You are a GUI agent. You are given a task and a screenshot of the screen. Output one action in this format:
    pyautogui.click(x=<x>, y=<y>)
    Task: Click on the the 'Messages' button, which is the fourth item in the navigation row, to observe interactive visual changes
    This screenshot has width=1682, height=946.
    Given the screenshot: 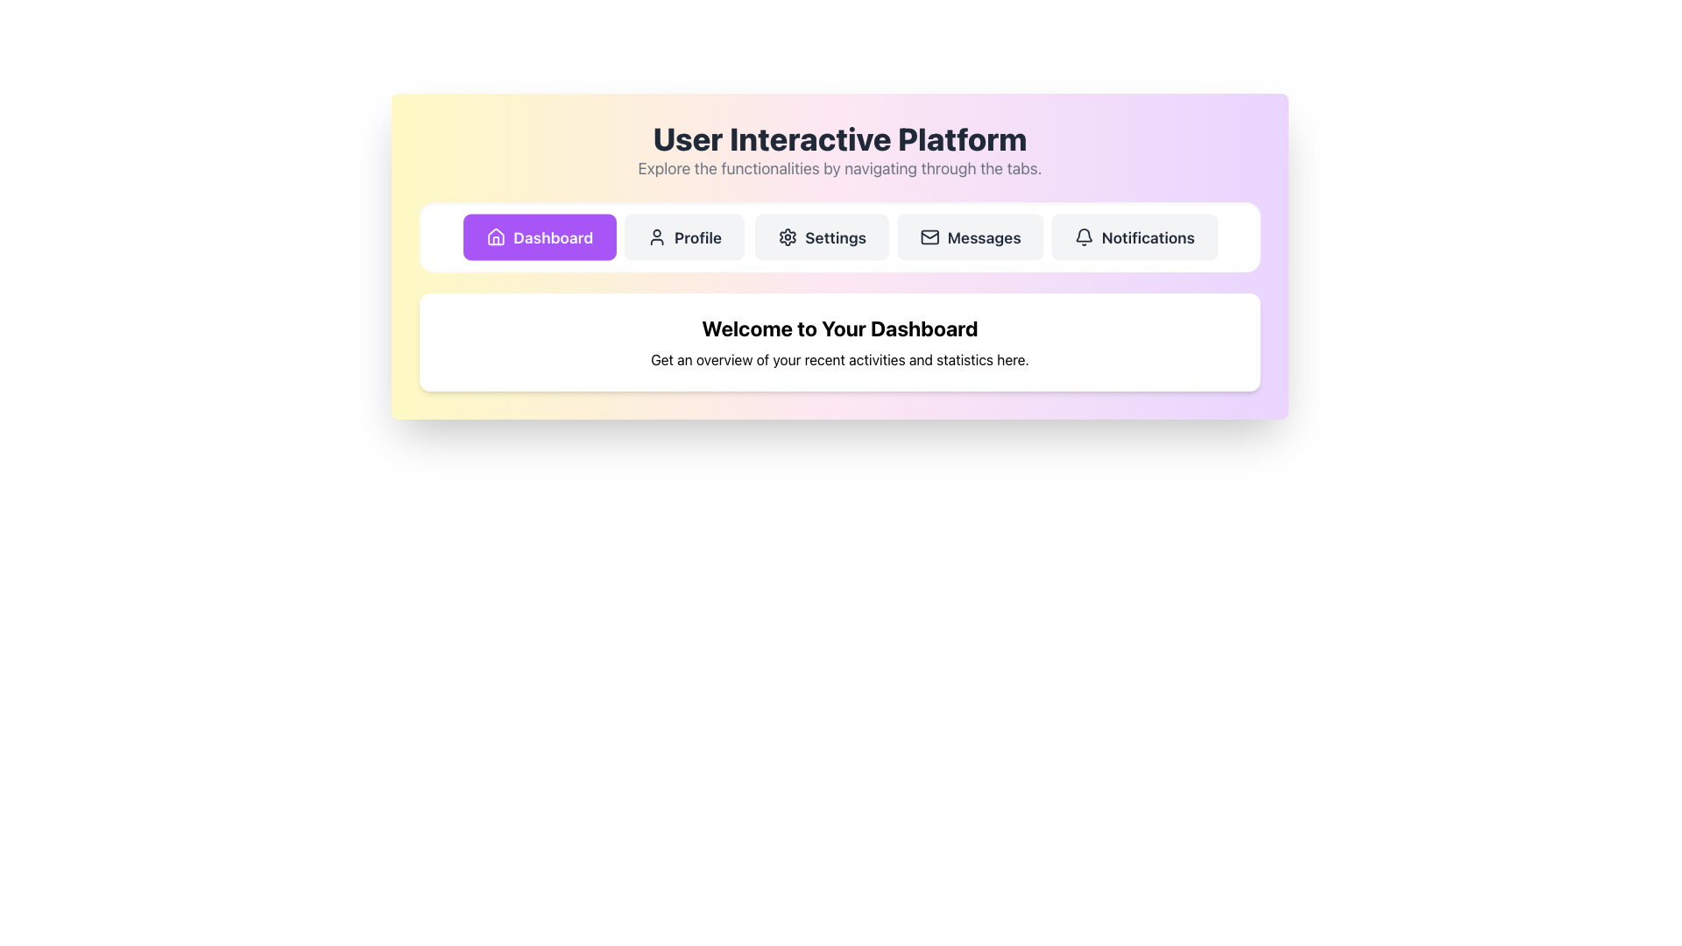 What is the action you would take?
    pyautogui.click(x=970, y=236)
    